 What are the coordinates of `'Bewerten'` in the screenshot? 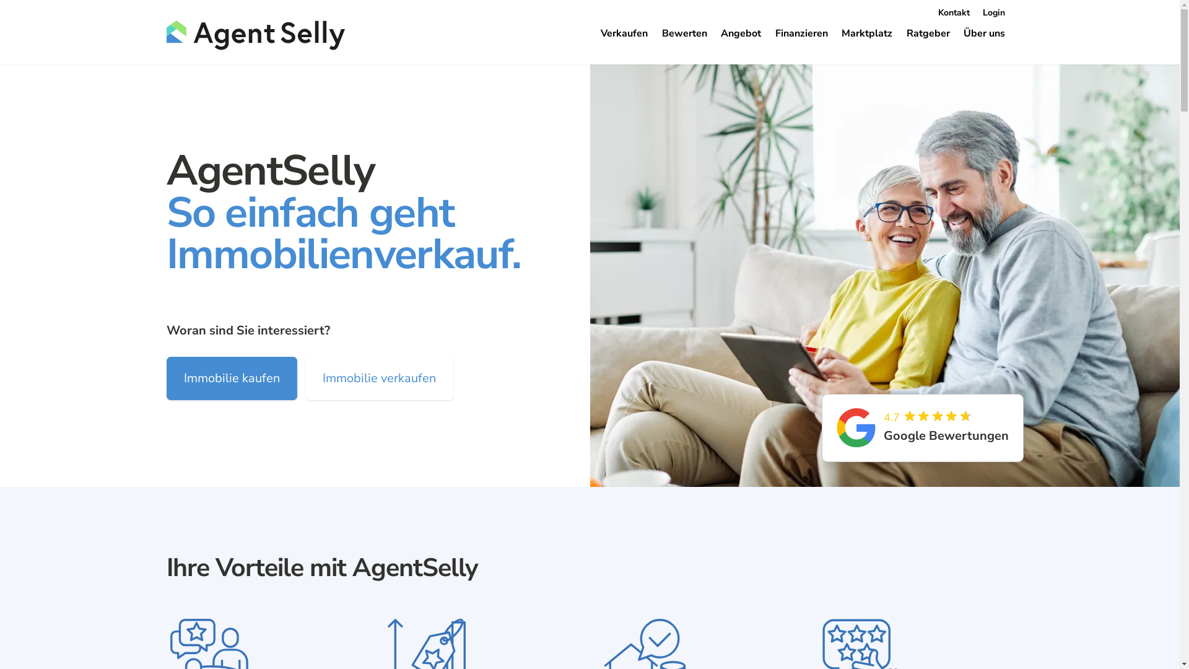 It's located at (683, 33).